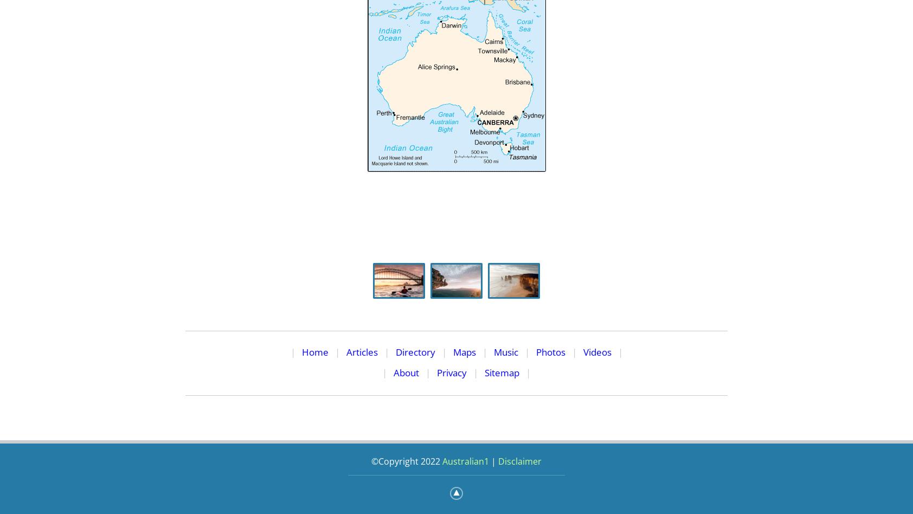  What do you see at coordinates (596, 351) in the screenshot?
I see `'Videos'` at bounding box center [596, 351].